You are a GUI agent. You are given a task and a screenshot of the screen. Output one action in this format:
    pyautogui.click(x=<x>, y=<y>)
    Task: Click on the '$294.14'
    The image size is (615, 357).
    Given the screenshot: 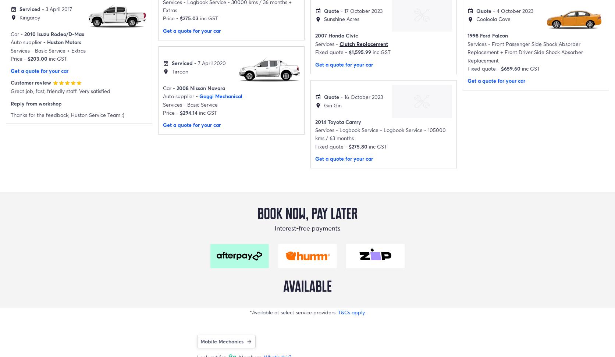 What is the action you would take?
    pyautogui.click(x=188, y=112)
    